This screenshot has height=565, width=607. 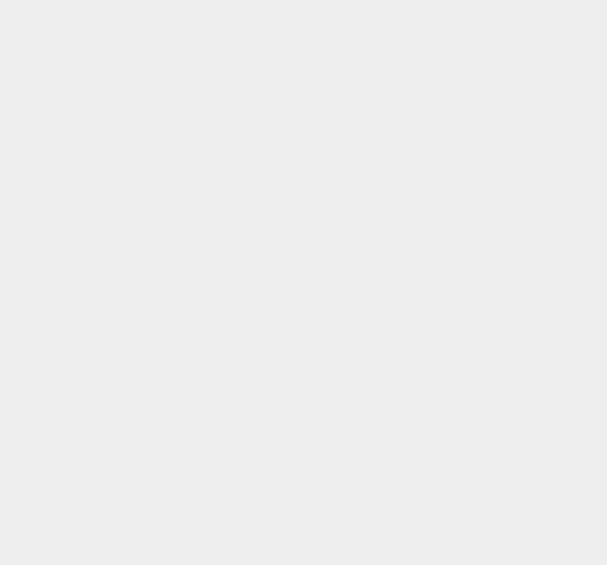 What do you see at coordinates (449, 382) in the screenshot?
I see `'Nokia Lumia'` at bounding box center [449, 382].